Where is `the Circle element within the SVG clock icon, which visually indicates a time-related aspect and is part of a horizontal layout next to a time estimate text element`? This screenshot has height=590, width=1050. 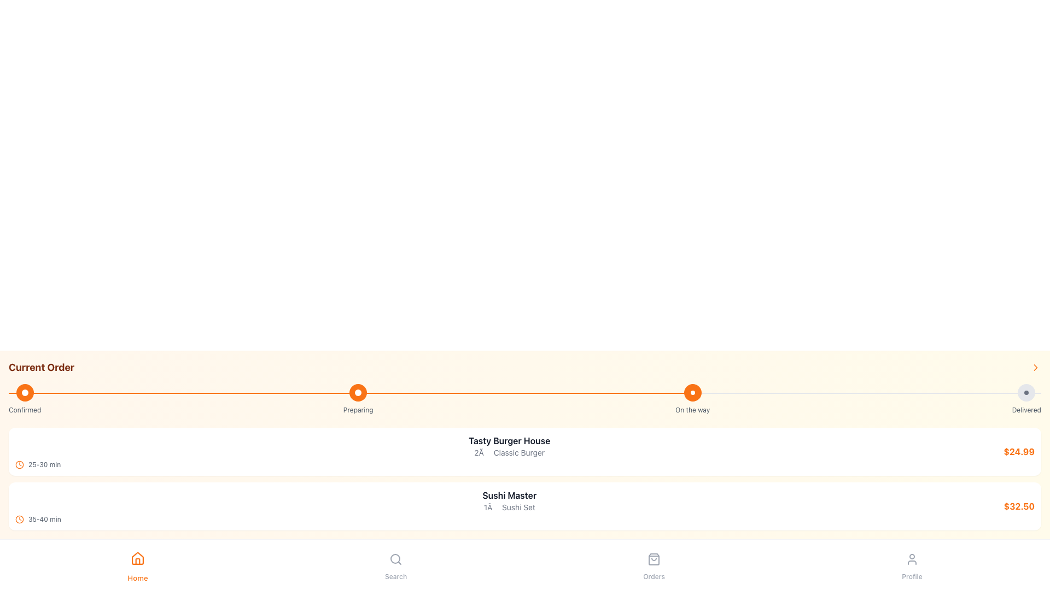 the Circle element within the SVG clock icon, which visually indicates a time-related aspect and is part of a horizontal layout next to a time estimate text element is located at coordinates (19, 465).